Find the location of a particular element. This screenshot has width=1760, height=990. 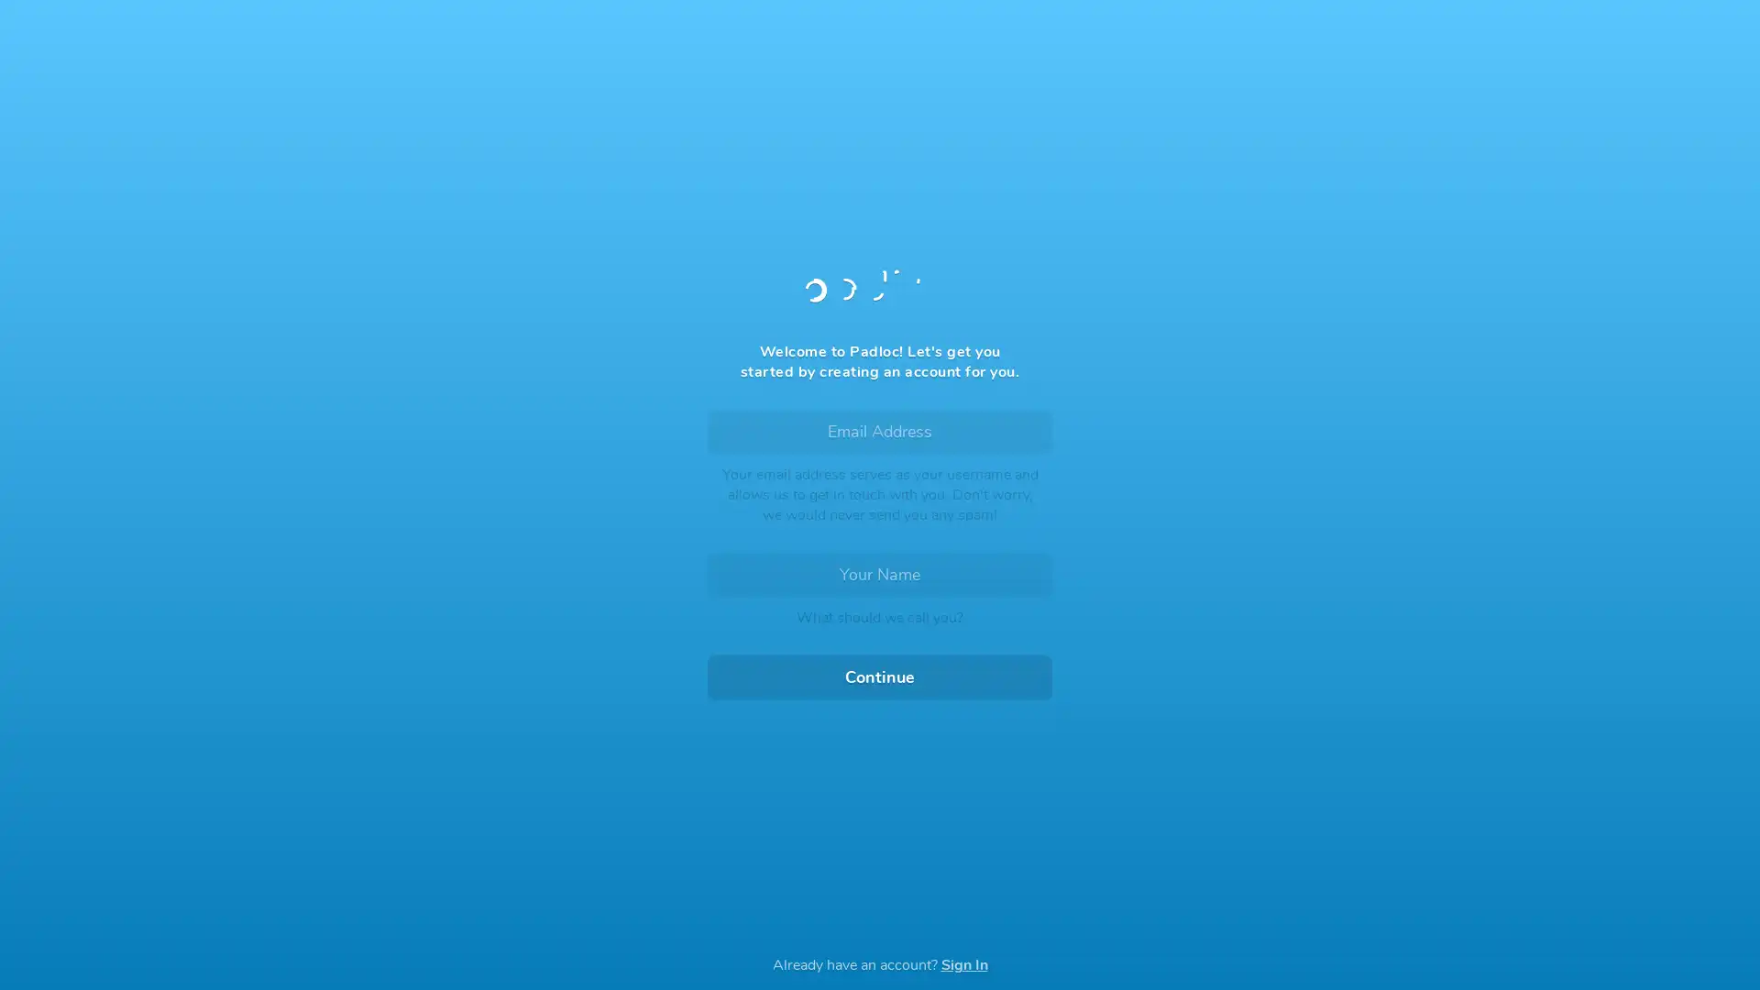

Login is located at coordinates (880, 554).